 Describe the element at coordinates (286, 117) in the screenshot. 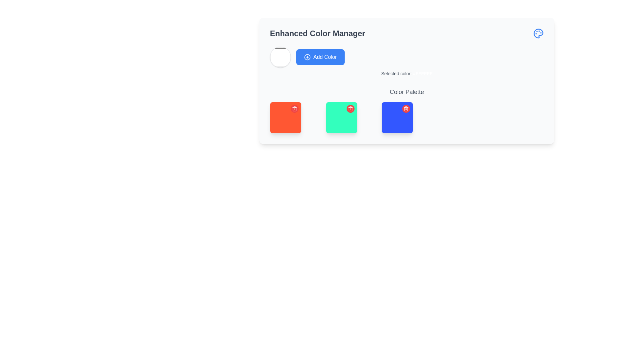

I see `the first square with a vivid red-orange background and a trash bin icon` at that location.